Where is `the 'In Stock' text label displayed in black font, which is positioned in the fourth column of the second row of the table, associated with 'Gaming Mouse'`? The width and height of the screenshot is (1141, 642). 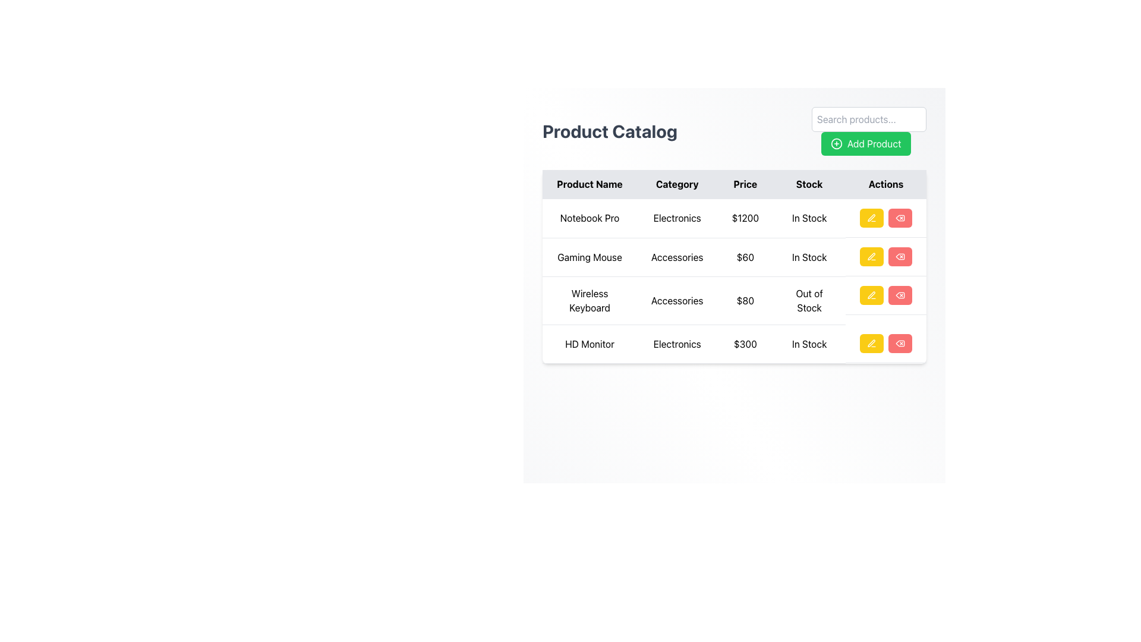 the 'In Stock' text label displayed in black font, which is positioned in the fourth column of the second row of the table, associated with 'Gaming Mouse' is located at coordinates (809, 256).